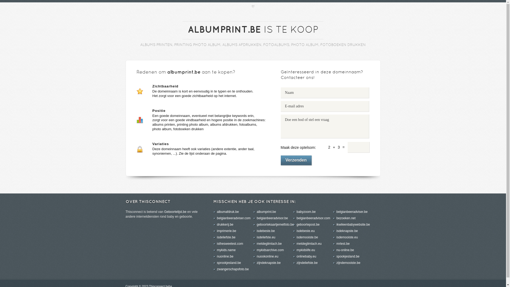  I want to click on 'albumprint.be', so click(266, 212).